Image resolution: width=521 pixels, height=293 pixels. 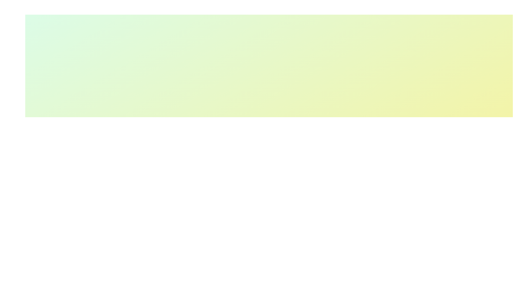 I want to click on toggle button to expand or collapse the feature panel, so click(x=320, y=141).